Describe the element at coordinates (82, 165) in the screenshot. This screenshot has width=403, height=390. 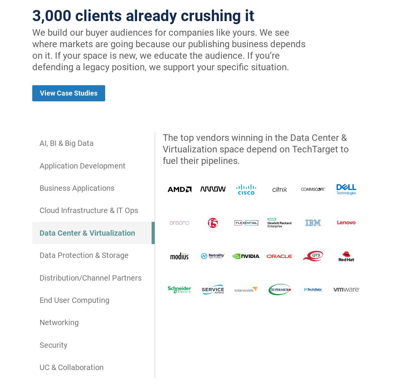
I see `'Application Development'` at that location.